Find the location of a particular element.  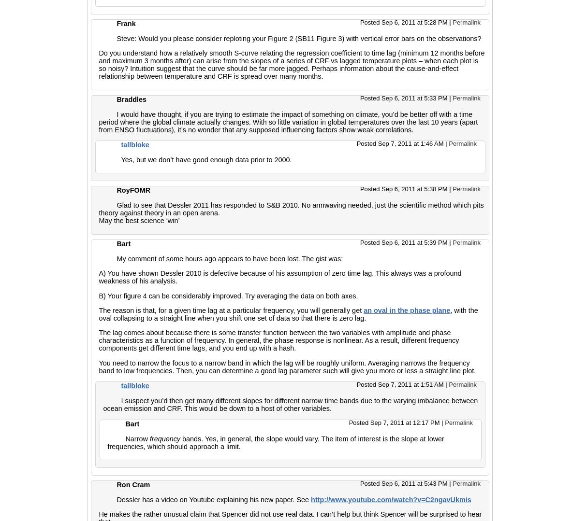

'I would have thought, if you are trying to estimate the impact of something on climate, you’d be better off with a time period where the global climate actually changes. With so little variation in global temperatures over the last 10 years (apart from ENSO fluctuations), it’s no wonder that any supposed influencing factors show weak correlations.' is located at coordinates (288, 121).